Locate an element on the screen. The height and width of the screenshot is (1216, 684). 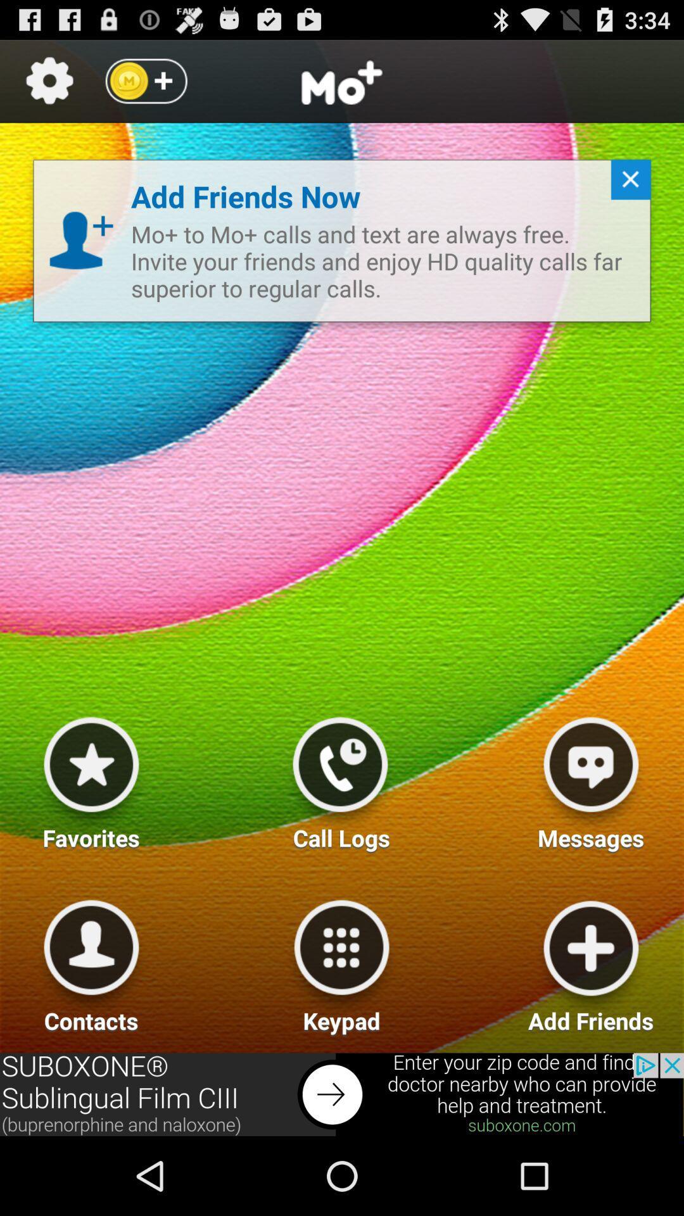
close button is located at coordinates (625, 184).